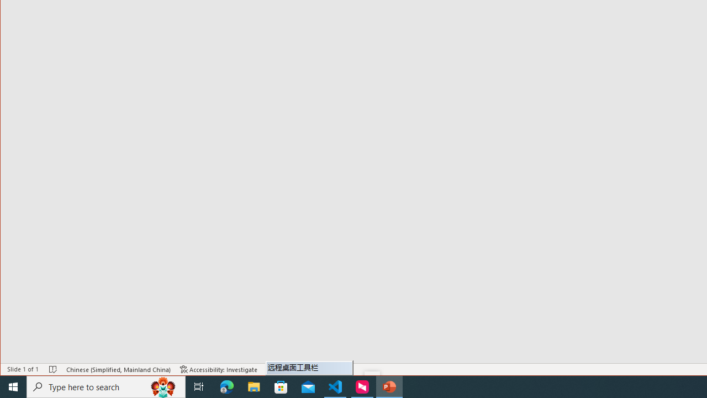  I want to click on 'PowerPoint - 1 running window', so click(389, 386).